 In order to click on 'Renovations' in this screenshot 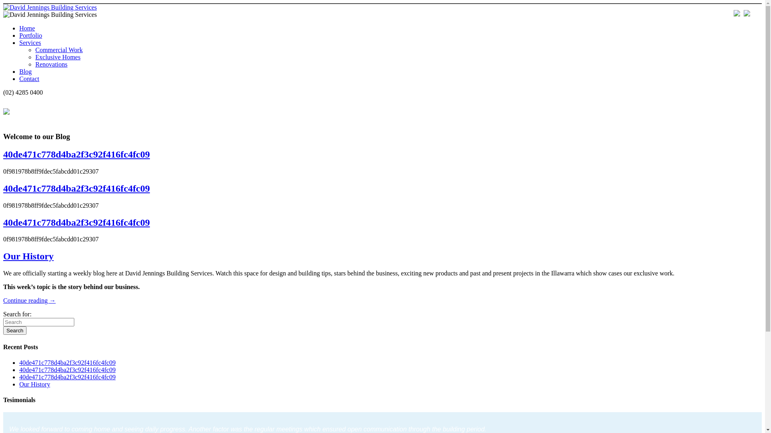, I will do `click(51, 64)`.